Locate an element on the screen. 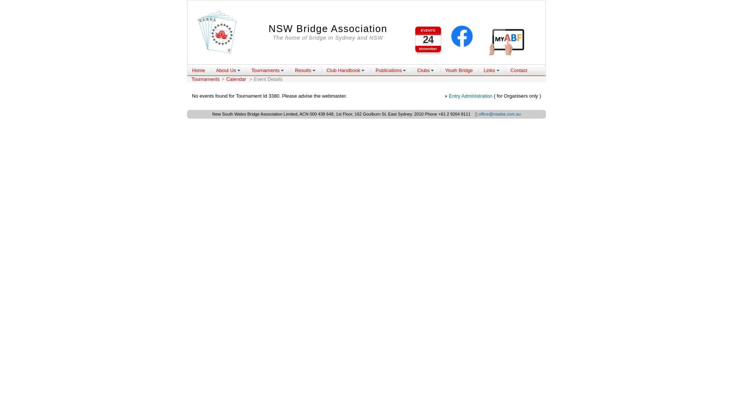  'Home' is located at coordinates (198, 70).